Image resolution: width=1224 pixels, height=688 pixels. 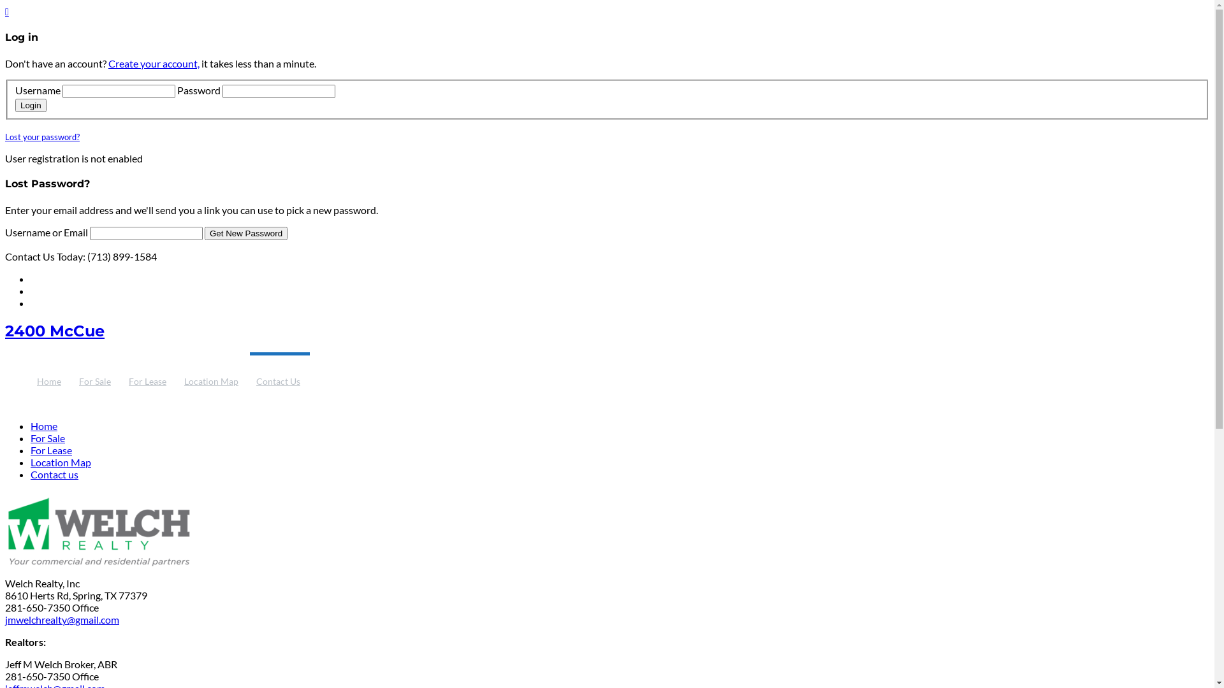 I want to click on 'Contact us', so click(x=54, y=474).